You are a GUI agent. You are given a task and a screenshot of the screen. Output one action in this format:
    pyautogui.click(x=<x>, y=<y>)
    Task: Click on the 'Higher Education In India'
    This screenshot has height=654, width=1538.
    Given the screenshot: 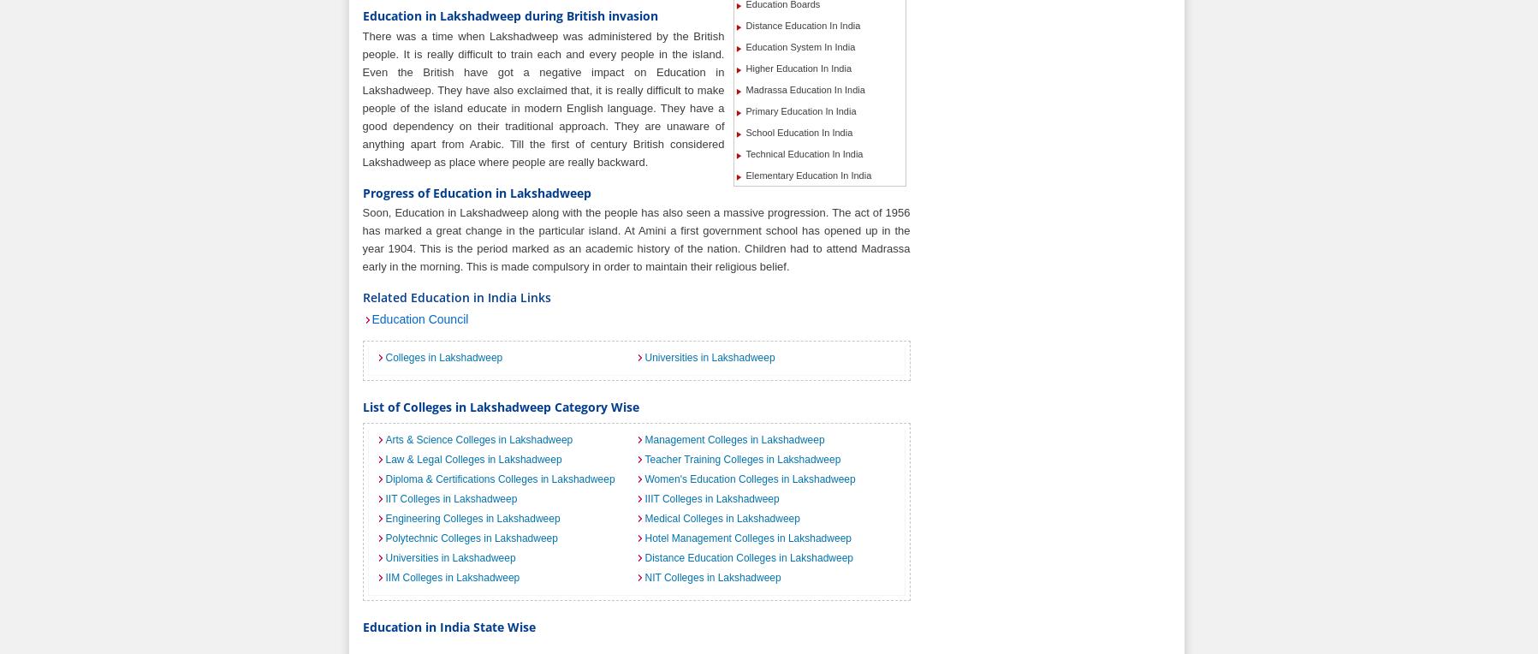 What is the action you would take?
    pyautogui.click(x=745, y=68)
    